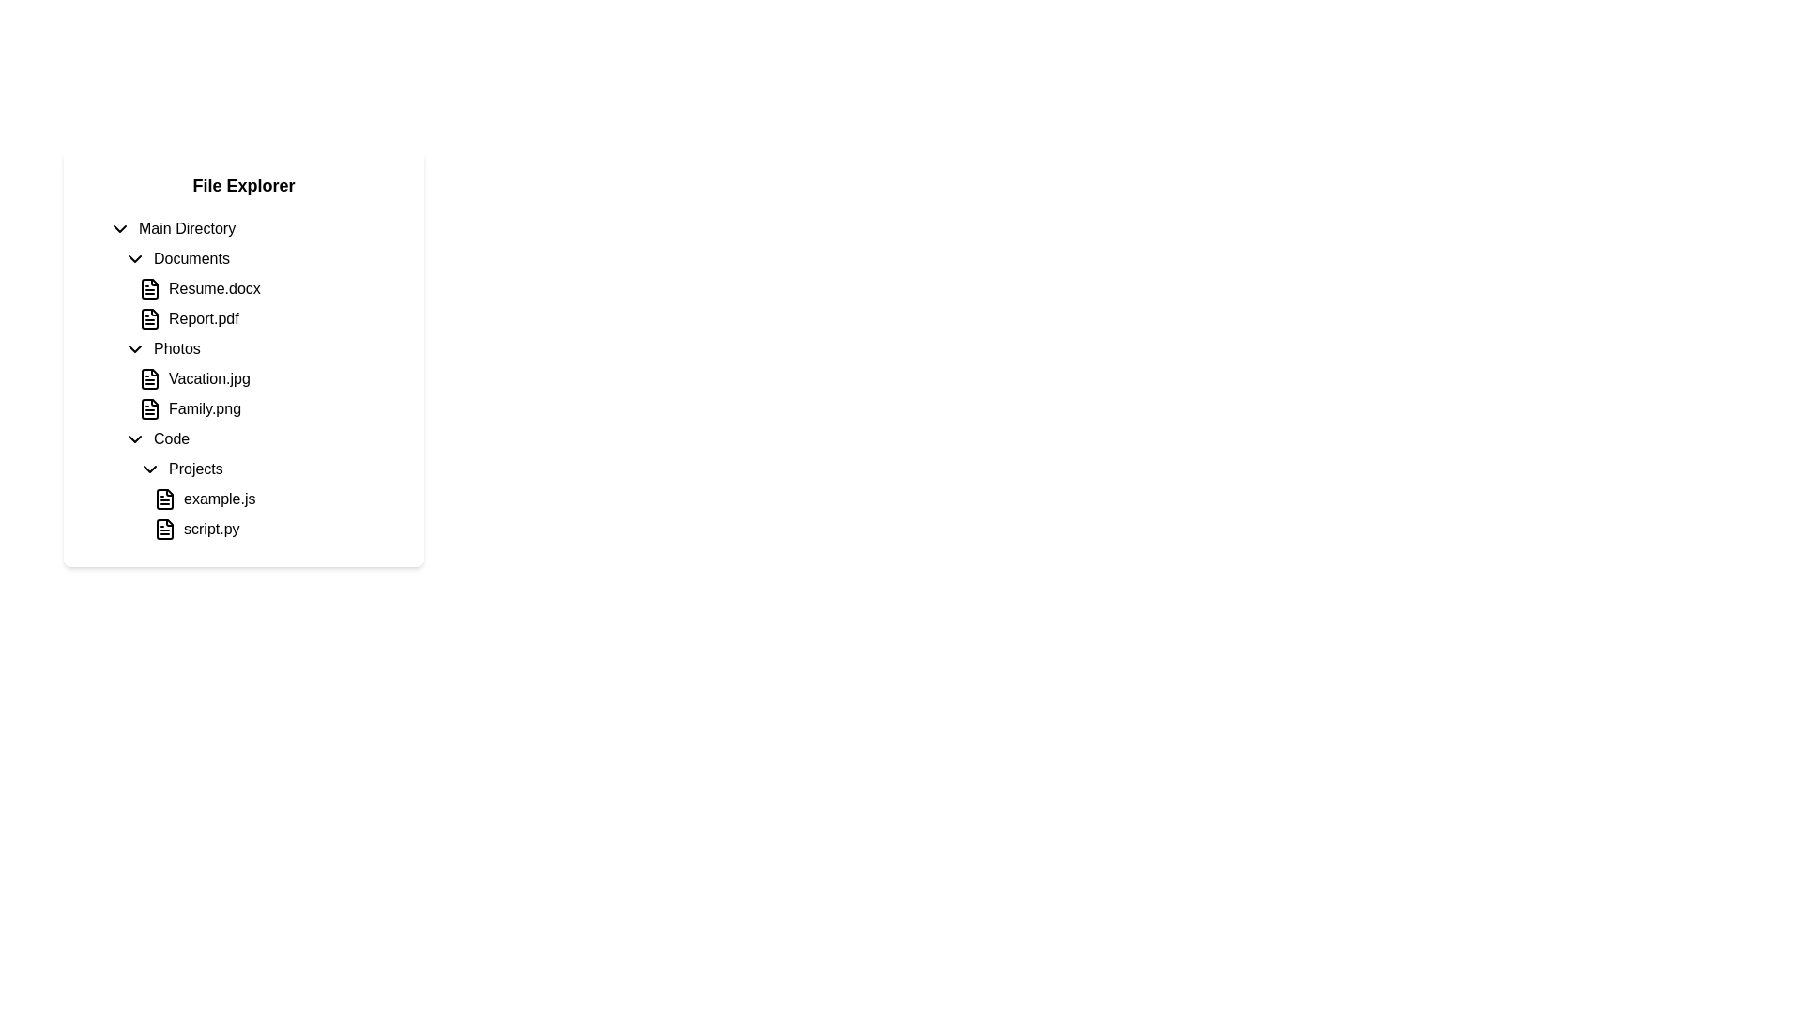 Image resolution: width=1802 pixels, height=1014 pixels. I want to click on the 'Report.pdf' file entry in the file explorer, so click(265, 317).